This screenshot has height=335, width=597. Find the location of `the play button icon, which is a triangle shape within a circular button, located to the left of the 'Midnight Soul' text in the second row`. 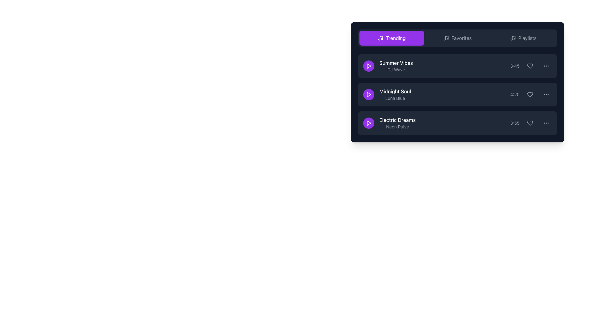

the play button icon, which is a triangle shape within a circular button, located to the left of the 'Midnight Soul' text in the second row is located at coordinates (369, 94).